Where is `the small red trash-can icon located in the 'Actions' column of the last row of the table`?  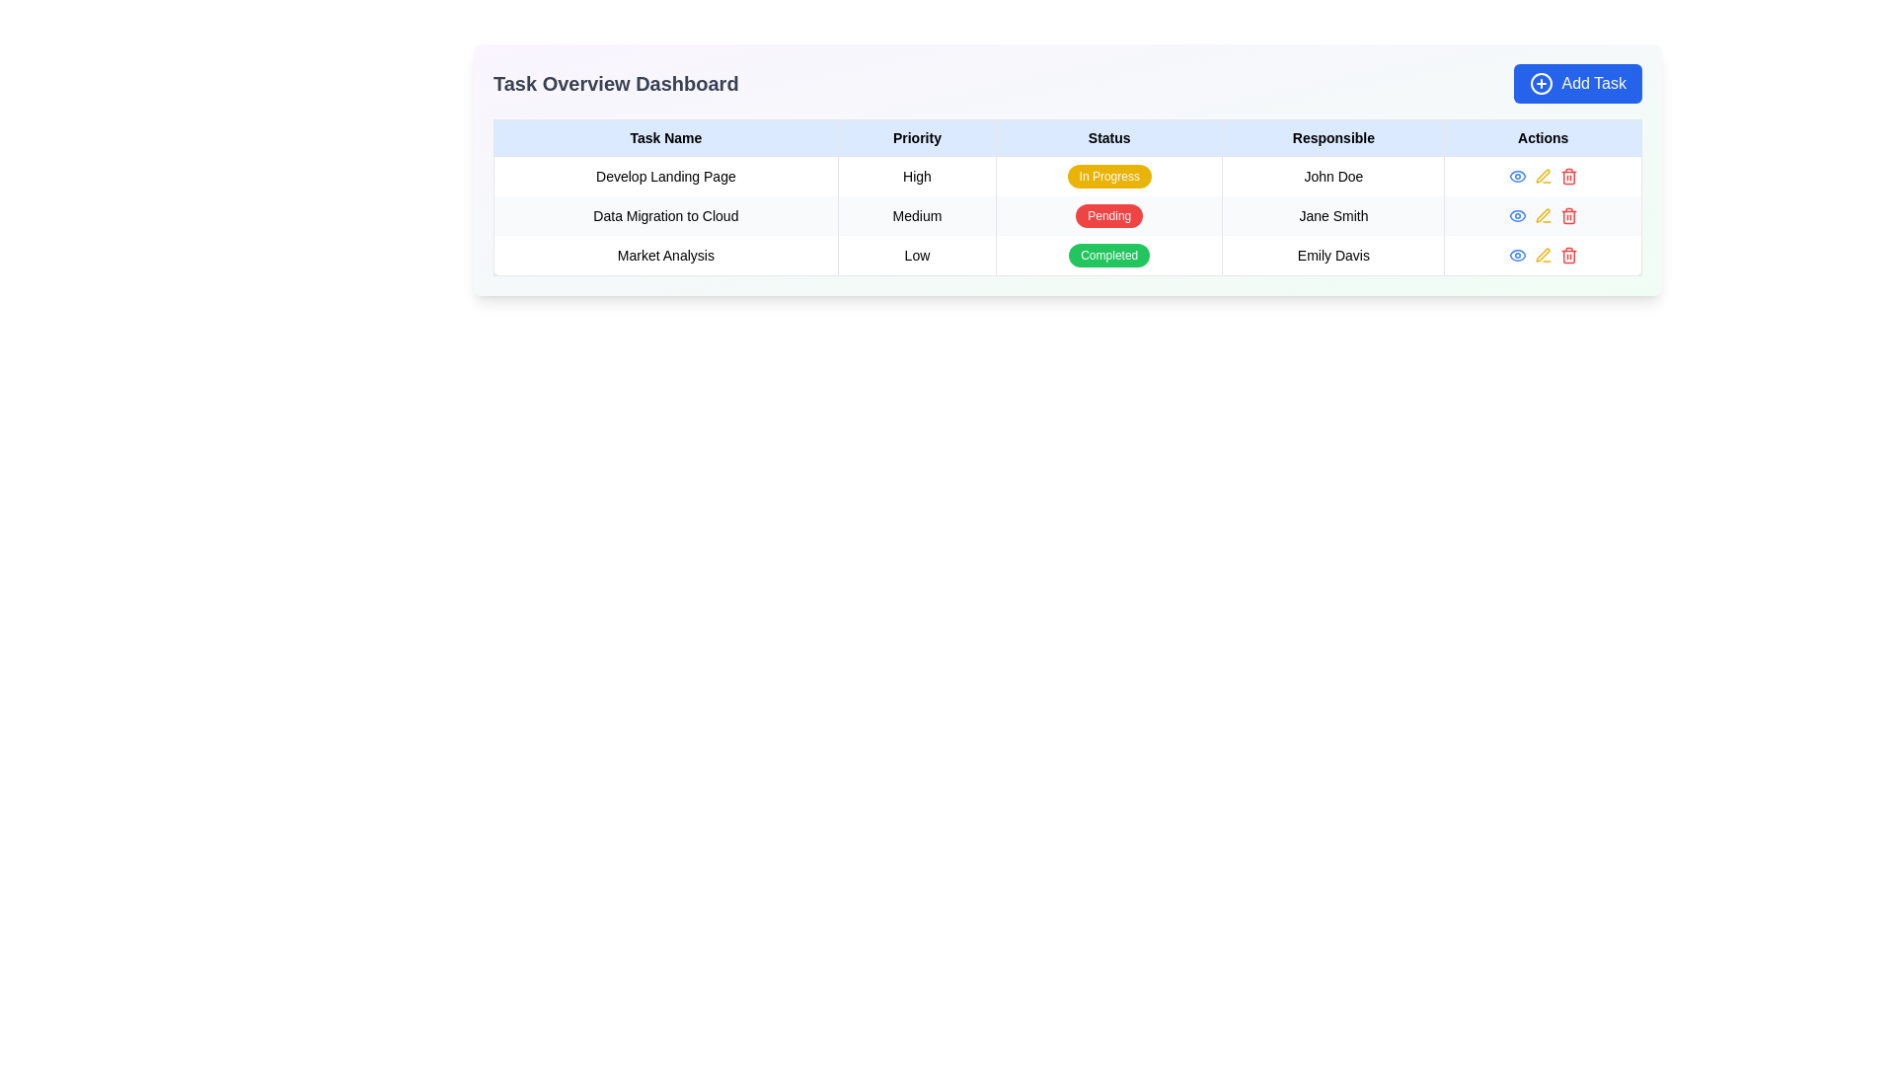 the small red trash-can icon located in the 'Actions' column of the last row of the table is located at coordinates (1567, 254).